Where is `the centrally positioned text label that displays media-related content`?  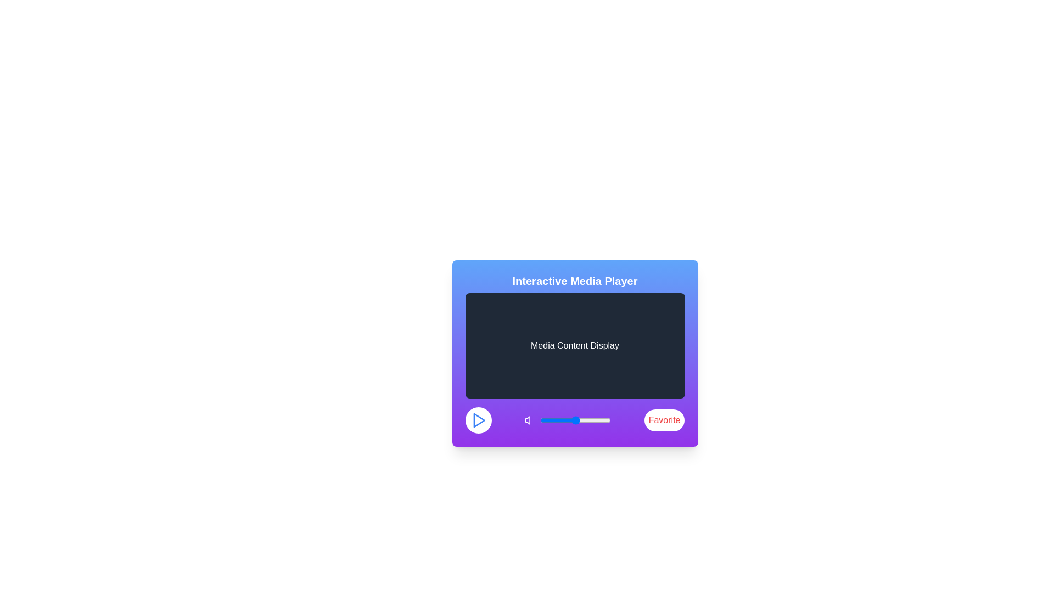
the centrally positioned text label that displays media-related content is located at coordinates (574, 346).